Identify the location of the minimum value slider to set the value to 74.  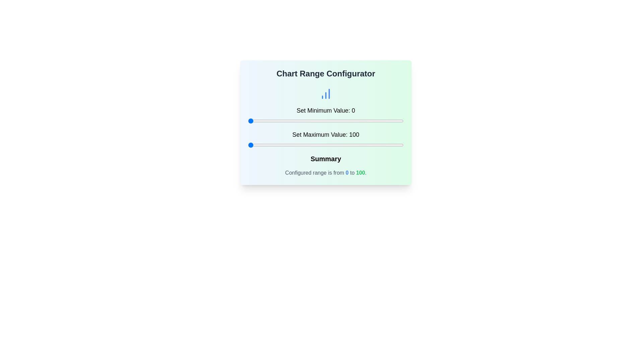
(363, 121).